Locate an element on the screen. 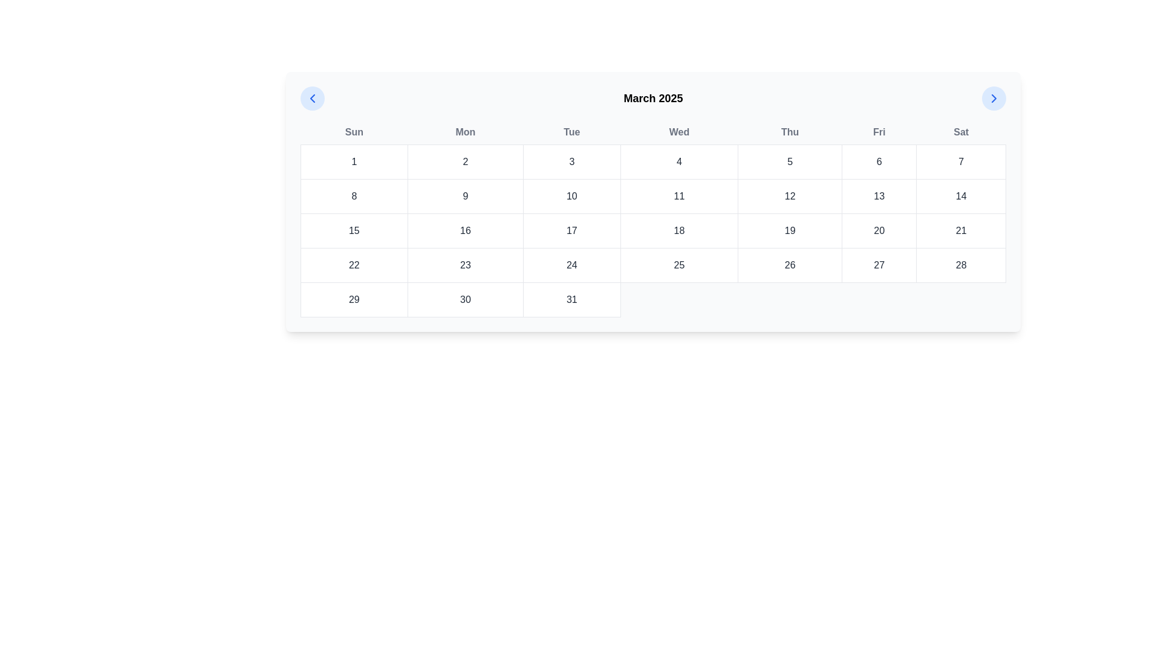 The width and height of the screenshot is (1161, 653). the calendar cell displaying the number '30' is located at coordinates (464, 299).